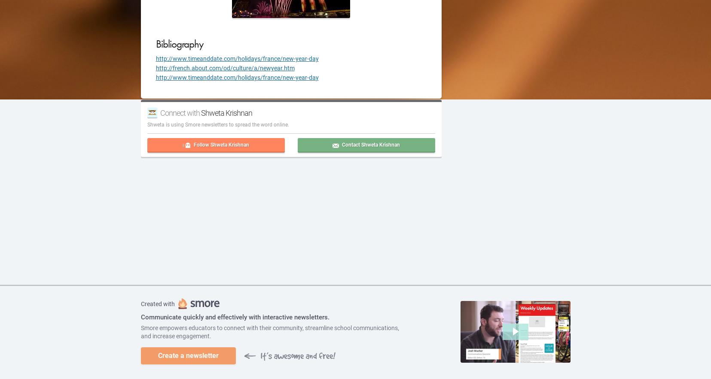 This screenshot has width=711, height=379. Describe the element at coordinates (157, 303) in the screenshot. I see `'Created with'` at that location.